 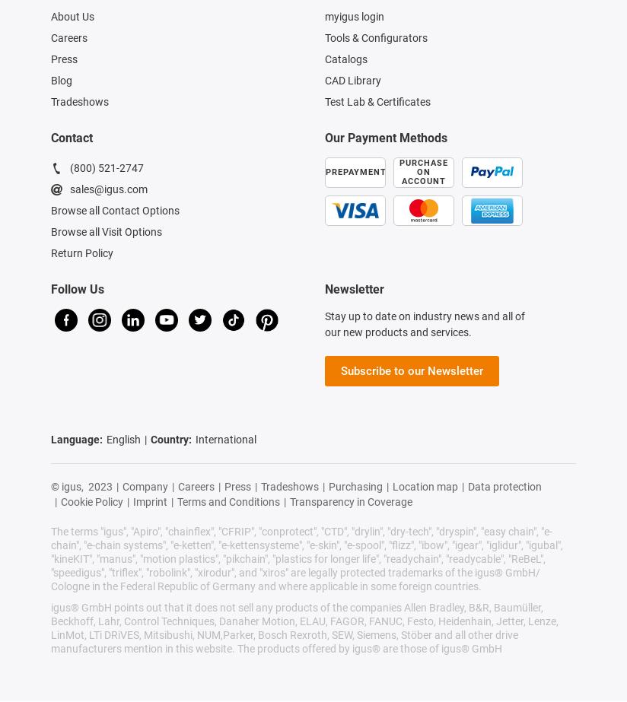 I want to click on 'Cookie Policy', so click(x=91, y=501).